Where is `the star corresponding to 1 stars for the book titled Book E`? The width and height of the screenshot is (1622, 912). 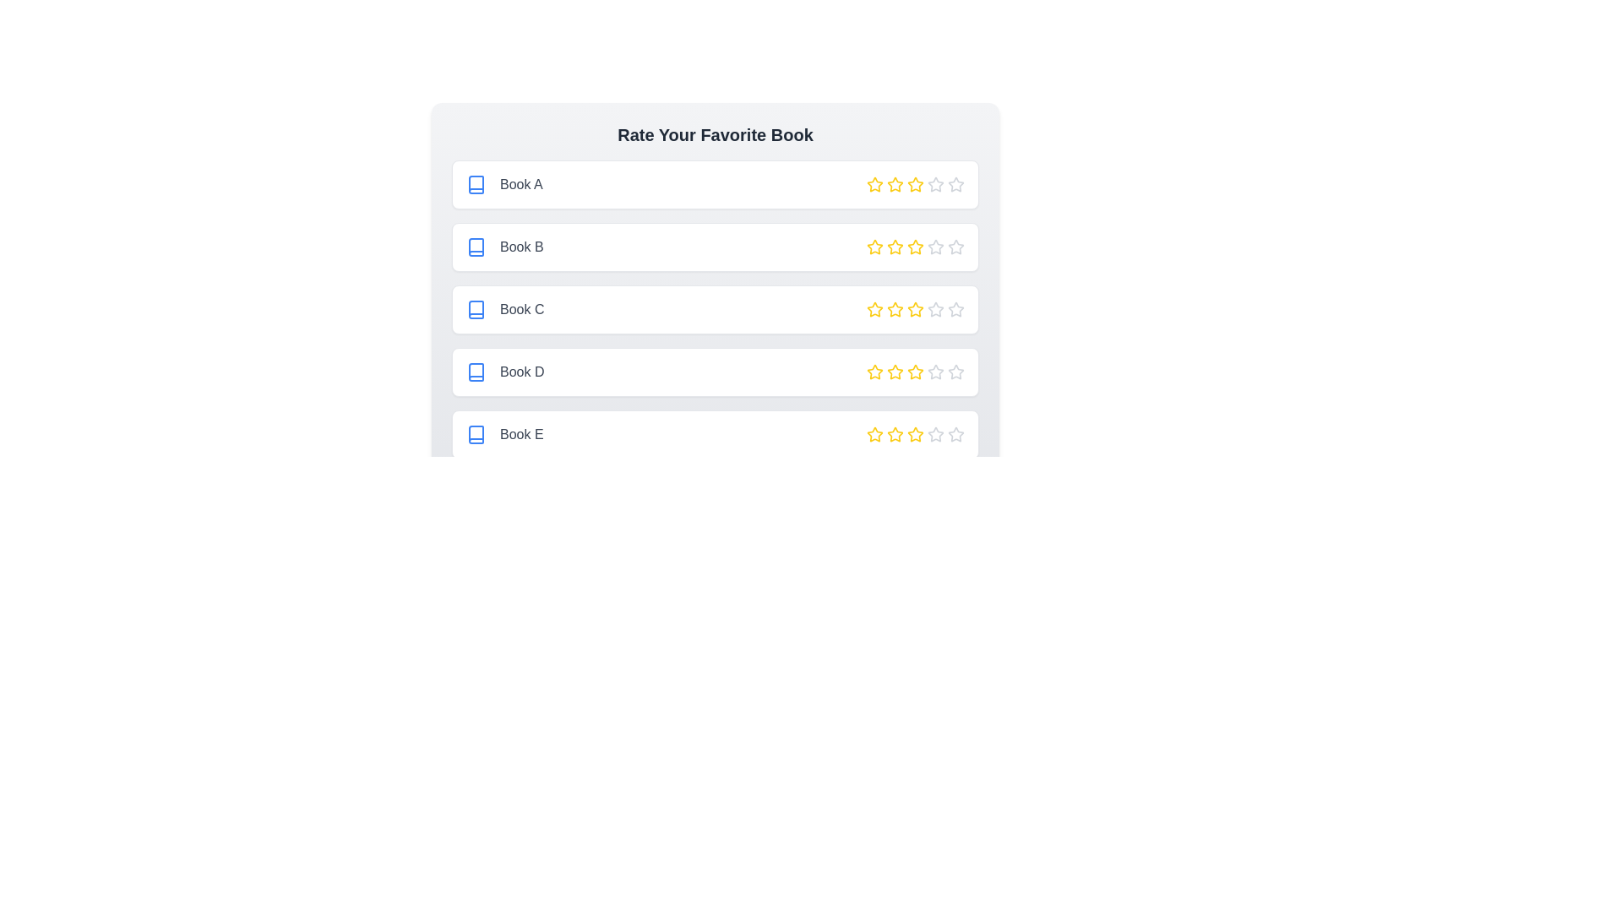 the star corresponding to 1 stars for the book titled Book E is located at coordinates (875, 434).